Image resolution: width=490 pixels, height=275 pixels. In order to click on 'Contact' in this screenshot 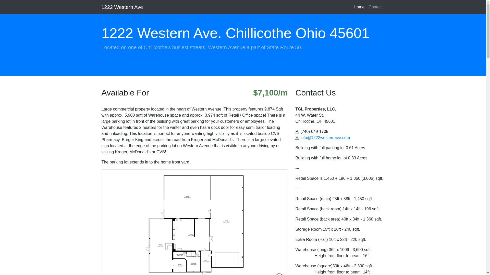, I will do `click(375, 7)`.